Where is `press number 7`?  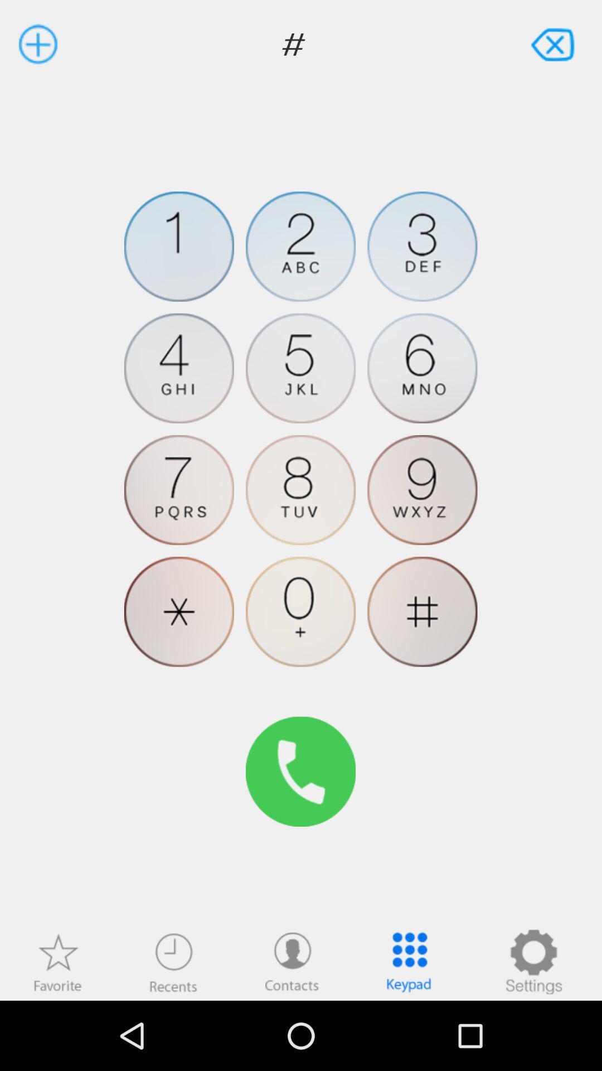 press number 7 is located at coordinates (178, 490).